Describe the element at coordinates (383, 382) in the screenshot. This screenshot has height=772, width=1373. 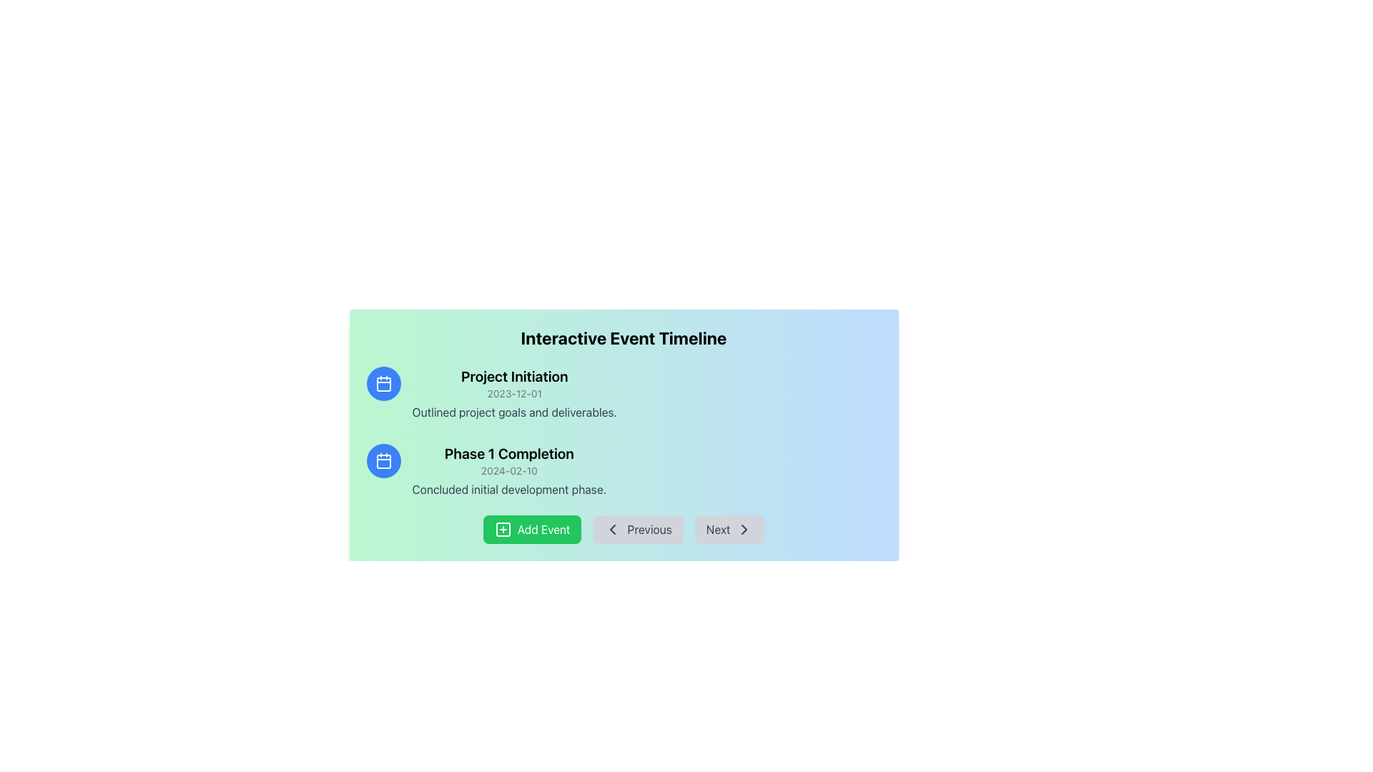
I see `the calendar date or event icon located on the left side of the 'Project Initiation' section, which is the first icon in a vertically-aligned list` at that location.